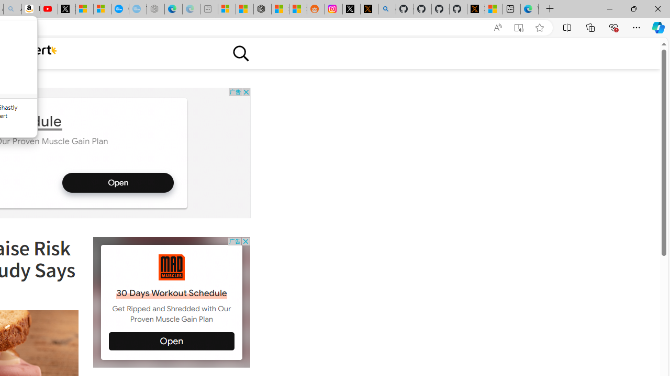 Image resolution: width=670 pixels, height=376 pixels. I want to click on 'Opinion: Op-Ed and Commentary - USA TODAY', so click(120, 9).